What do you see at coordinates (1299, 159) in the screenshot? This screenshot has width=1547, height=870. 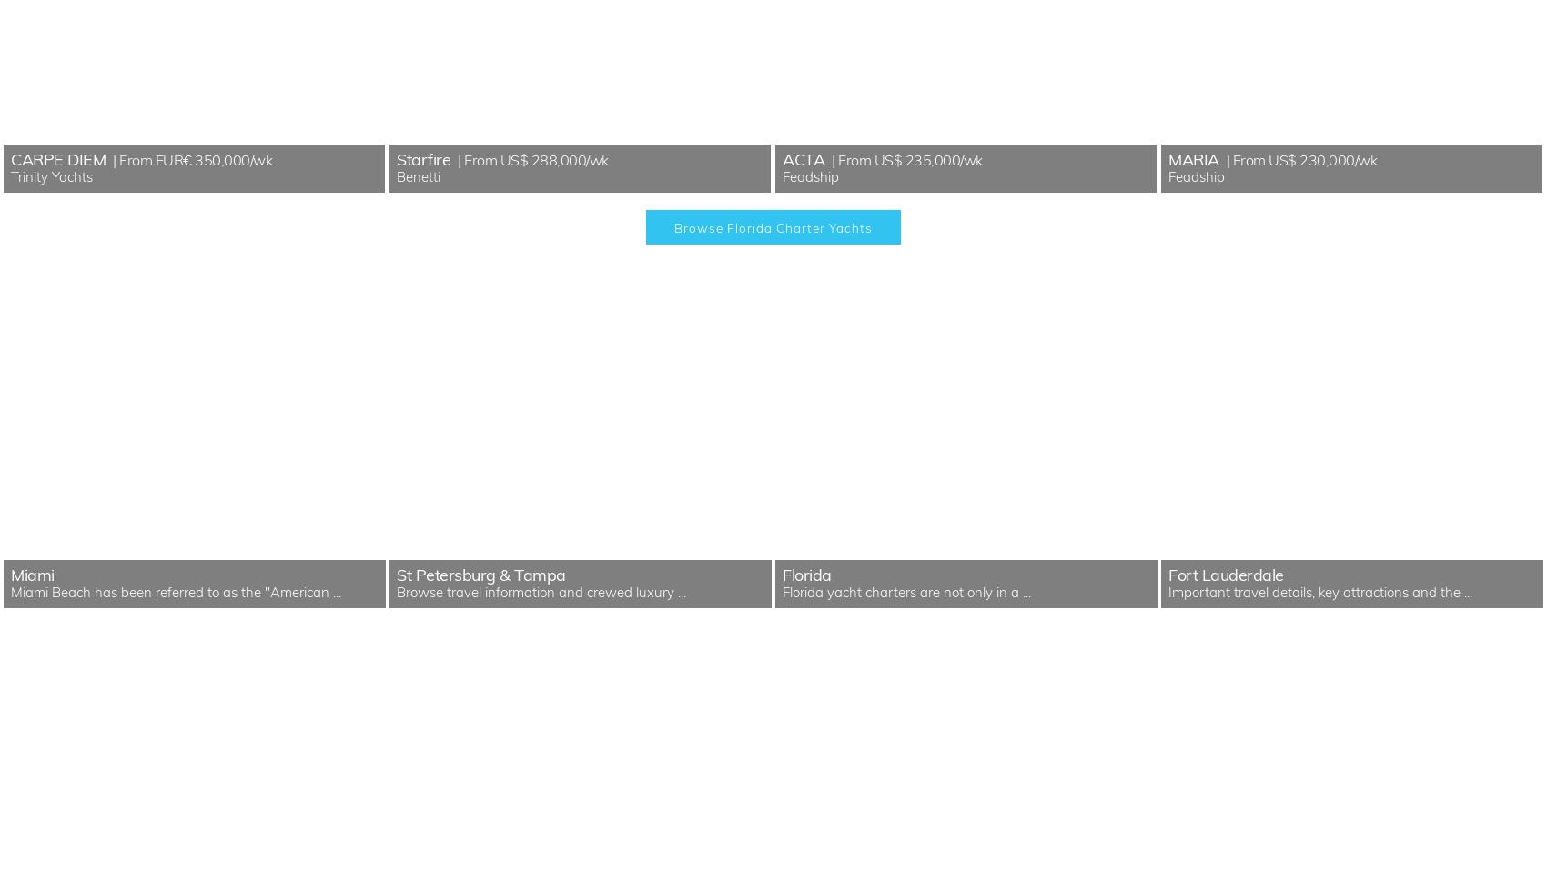 I see `'| From US$ 230,000/wk'` at bounding box center [1299, 159].